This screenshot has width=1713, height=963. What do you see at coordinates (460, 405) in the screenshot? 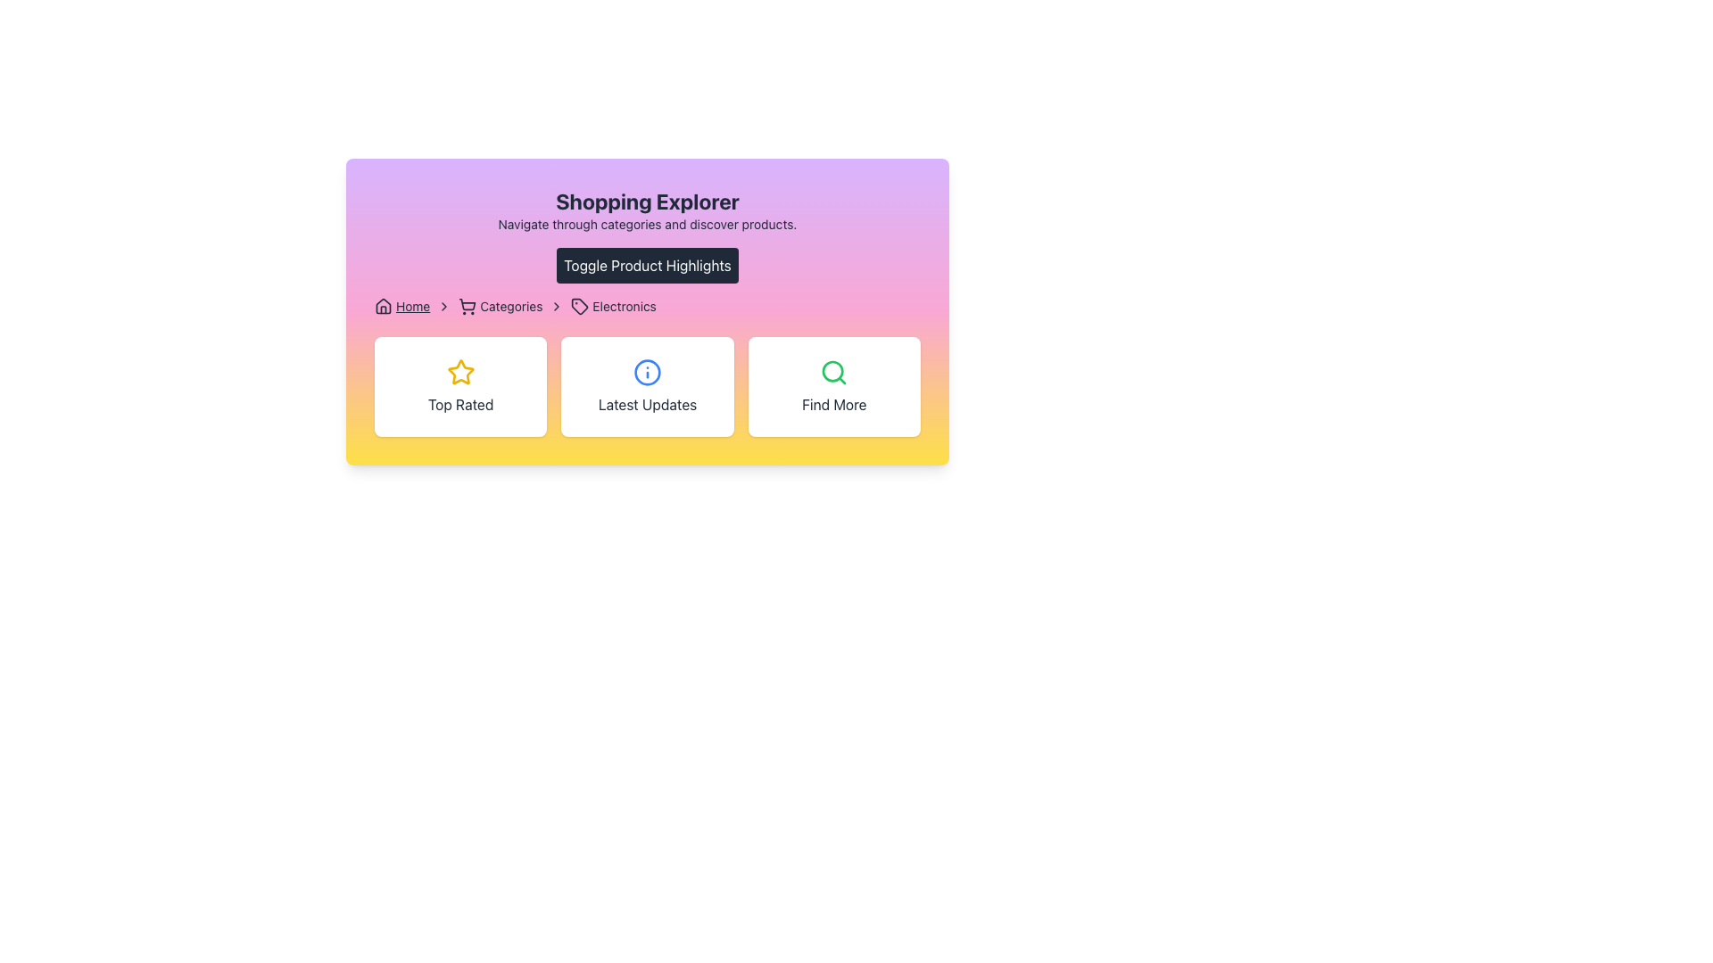
I see `the label text that indicates a category or featured content, located centrally within the first card under the 'Shopping Explorer' section, just below the star icon` at bounding box center [460, 405].